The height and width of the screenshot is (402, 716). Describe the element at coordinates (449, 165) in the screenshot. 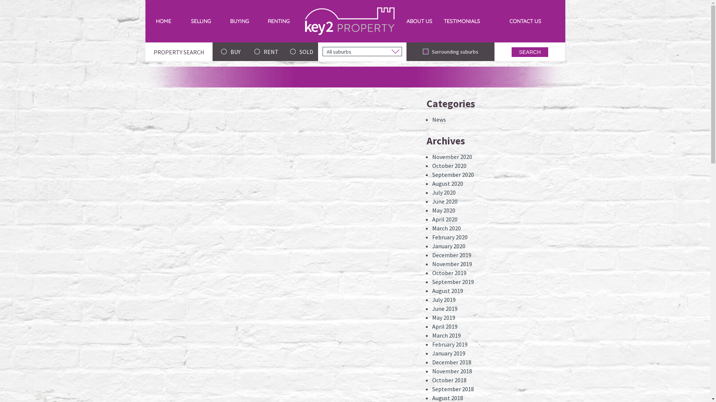

I see `'October 2020'` at that location.